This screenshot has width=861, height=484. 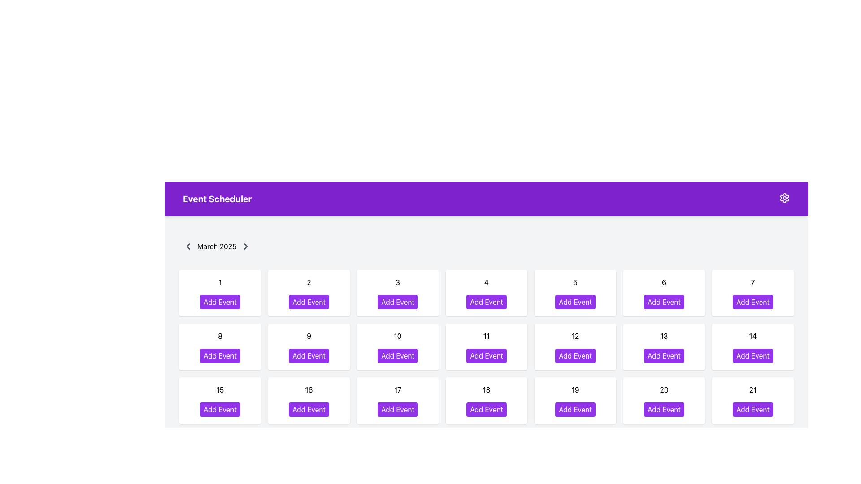 What do you see at coordinates (753, 410) in the screenshot?
I see `the button` at bounding box center [753, 410].